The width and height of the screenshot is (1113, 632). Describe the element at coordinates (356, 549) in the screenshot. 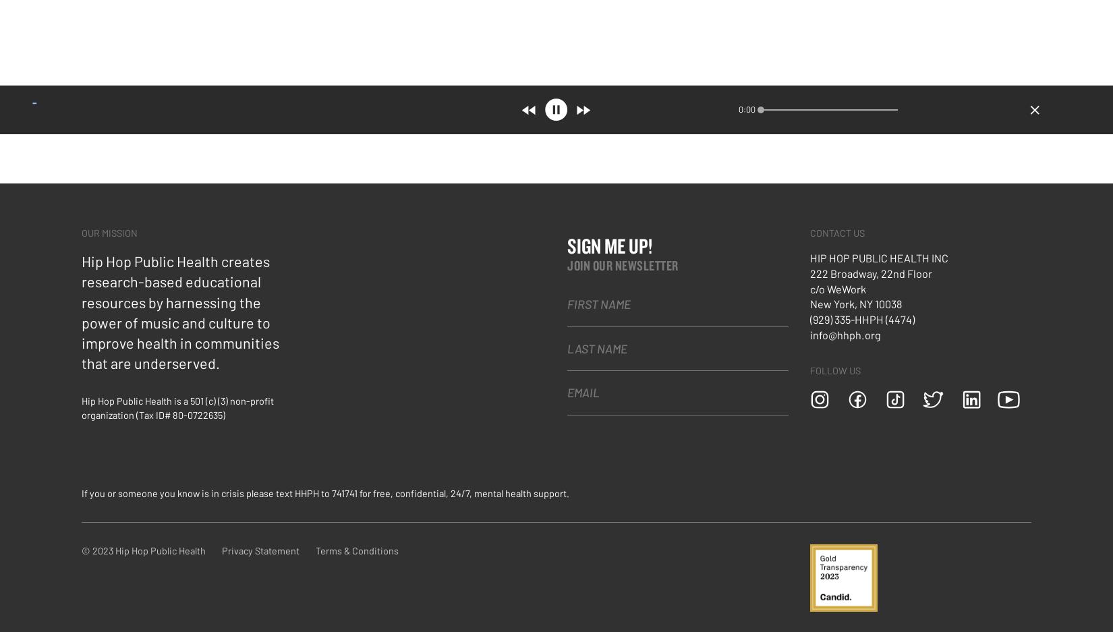

I see `'Terms & Conditions'` at that location.